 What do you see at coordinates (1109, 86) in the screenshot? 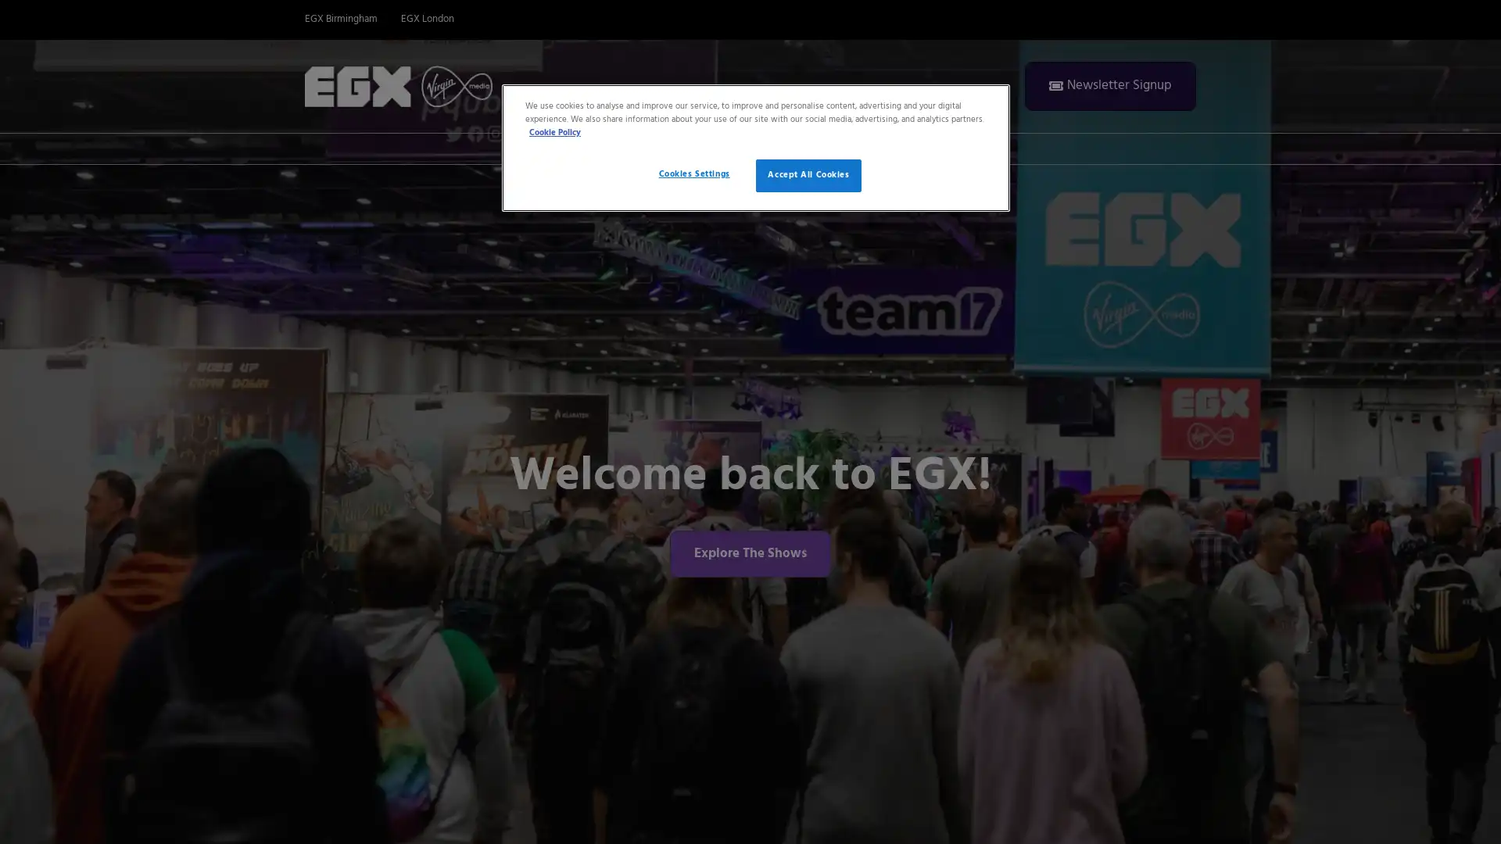
I see `Newsletter Signup` at bounding box center [1109, 86].